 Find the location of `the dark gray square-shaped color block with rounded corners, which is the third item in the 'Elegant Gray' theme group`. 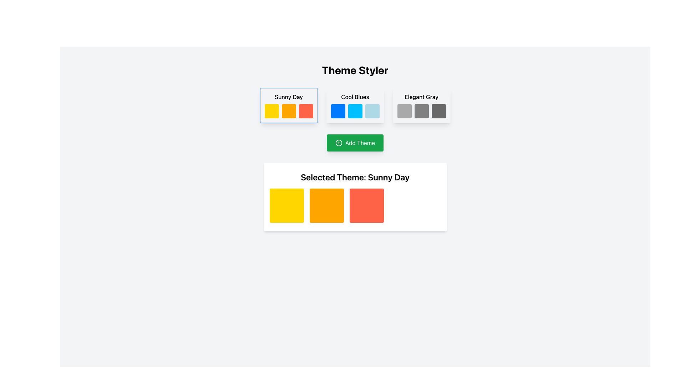

the dark gray square-shaped color block with rounded corners, which is the third item in the 'Elegant Gray' theme group is located at coordinates (438, 111).